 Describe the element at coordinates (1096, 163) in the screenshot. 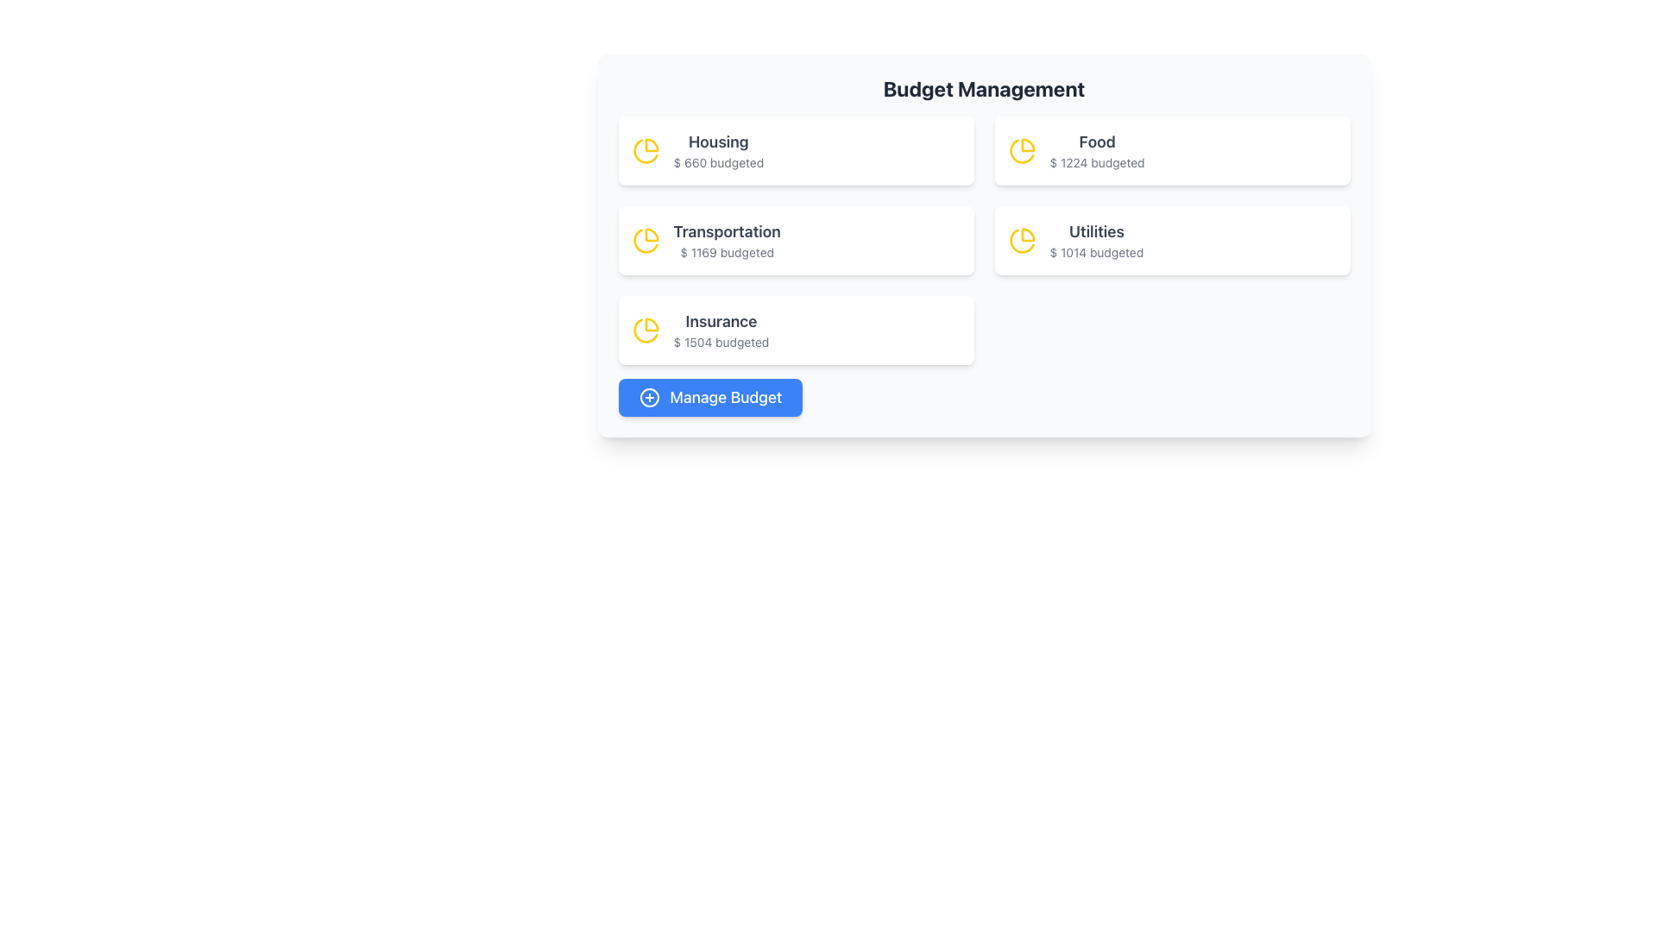

I see `information displayed in the text label showing '$ 1224 budgeted', which is positioned beneath the 'Food' label in the upper-right card layout` at that location.